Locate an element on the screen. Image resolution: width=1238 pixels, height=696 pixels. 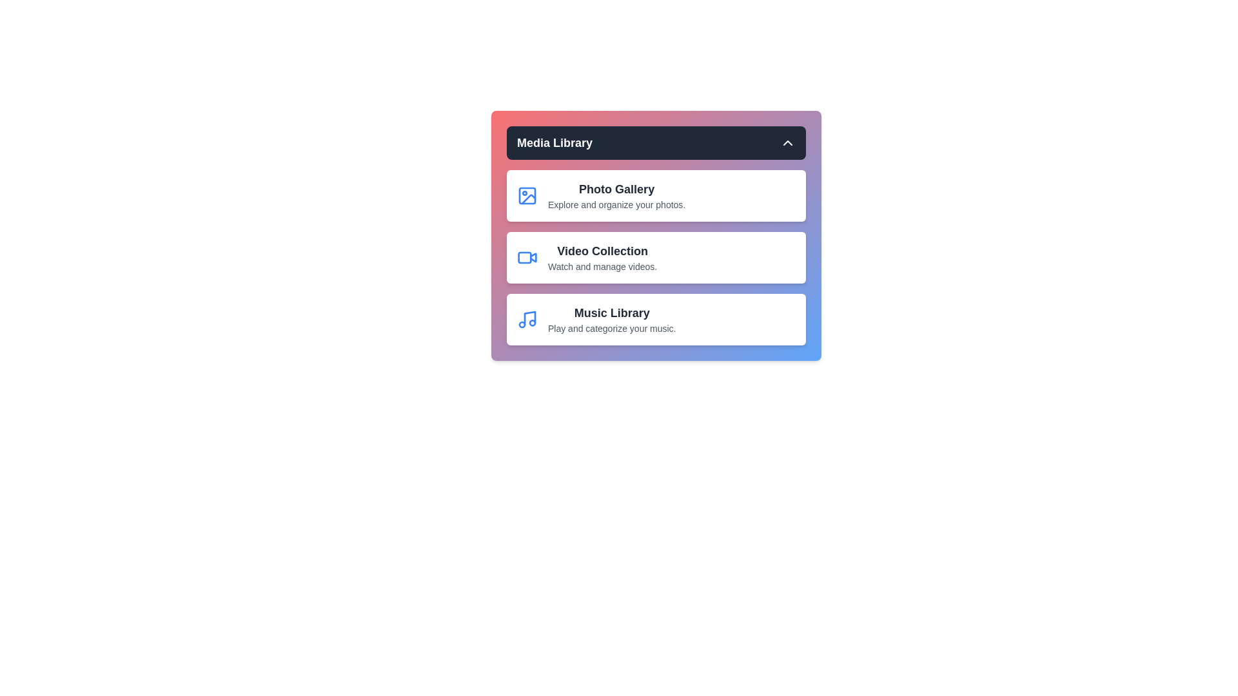
the description text of the Photo Gallery section to select it is located at coordinates (615, 204).